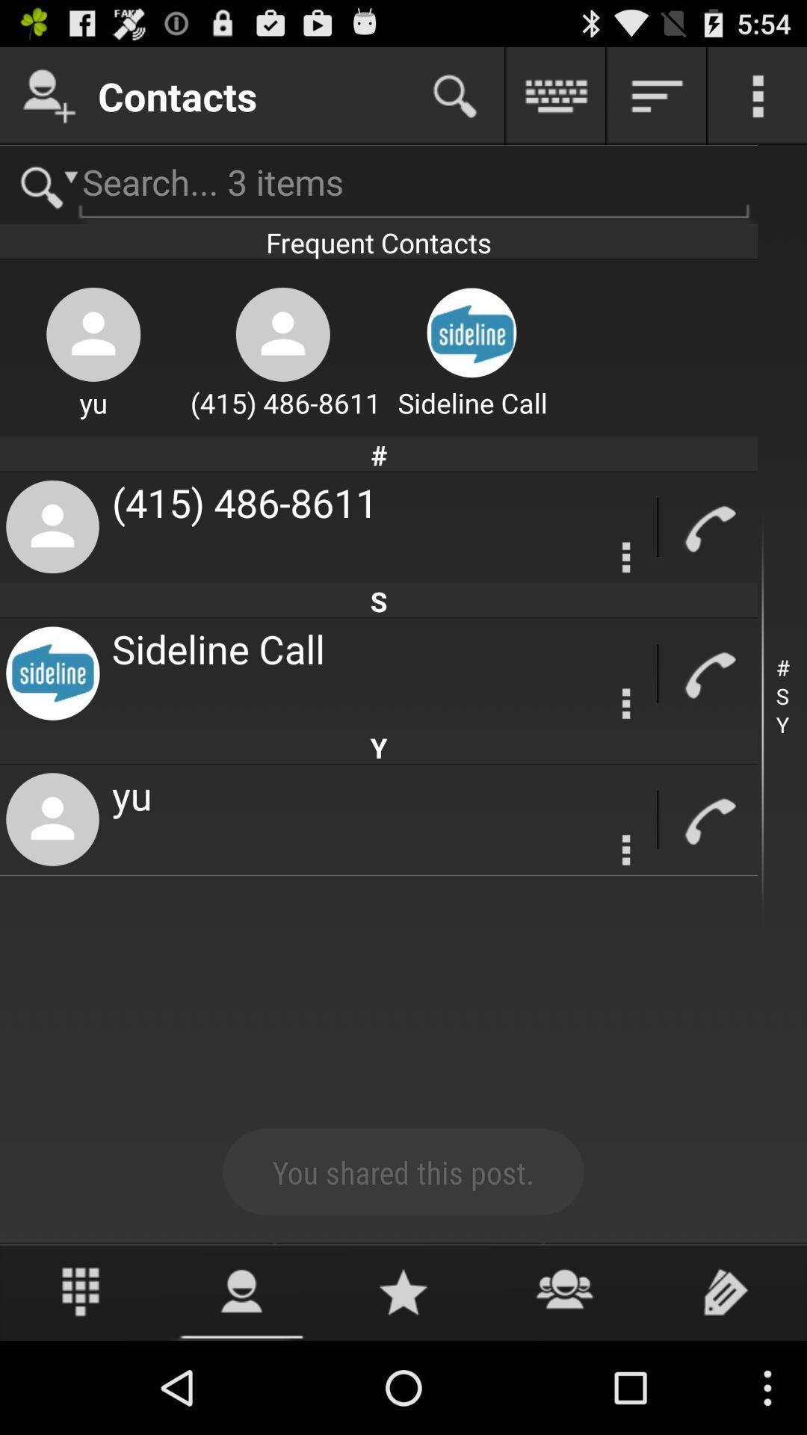 This screenshot has width=807, height=1435. I want to click on profile, so click(48, 95).